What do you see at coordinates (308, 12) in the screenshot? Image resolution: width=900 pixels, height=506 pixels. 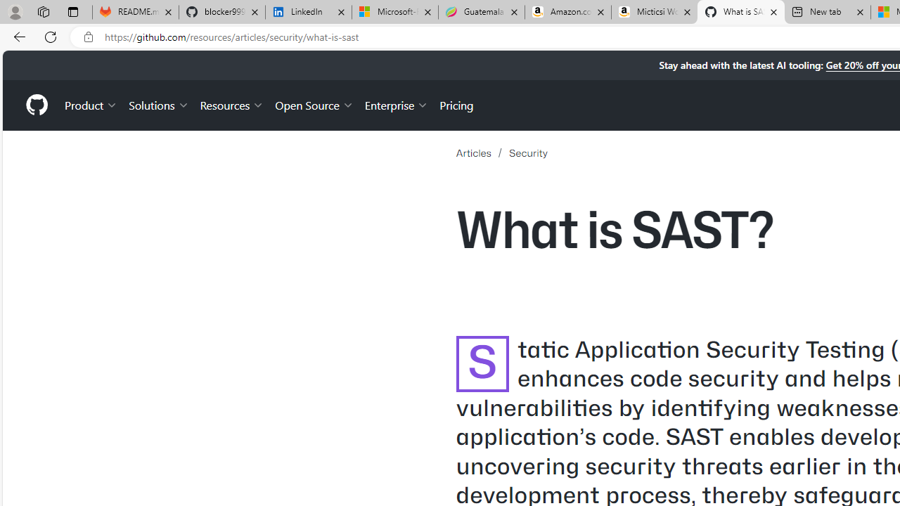 I see `'LinkedIn'` at bounding box center [308, 12].